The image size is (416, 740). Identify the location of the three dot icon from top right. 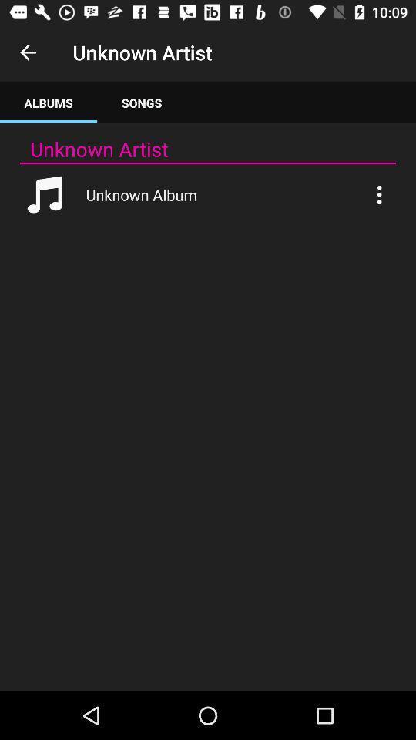
(378, 193).